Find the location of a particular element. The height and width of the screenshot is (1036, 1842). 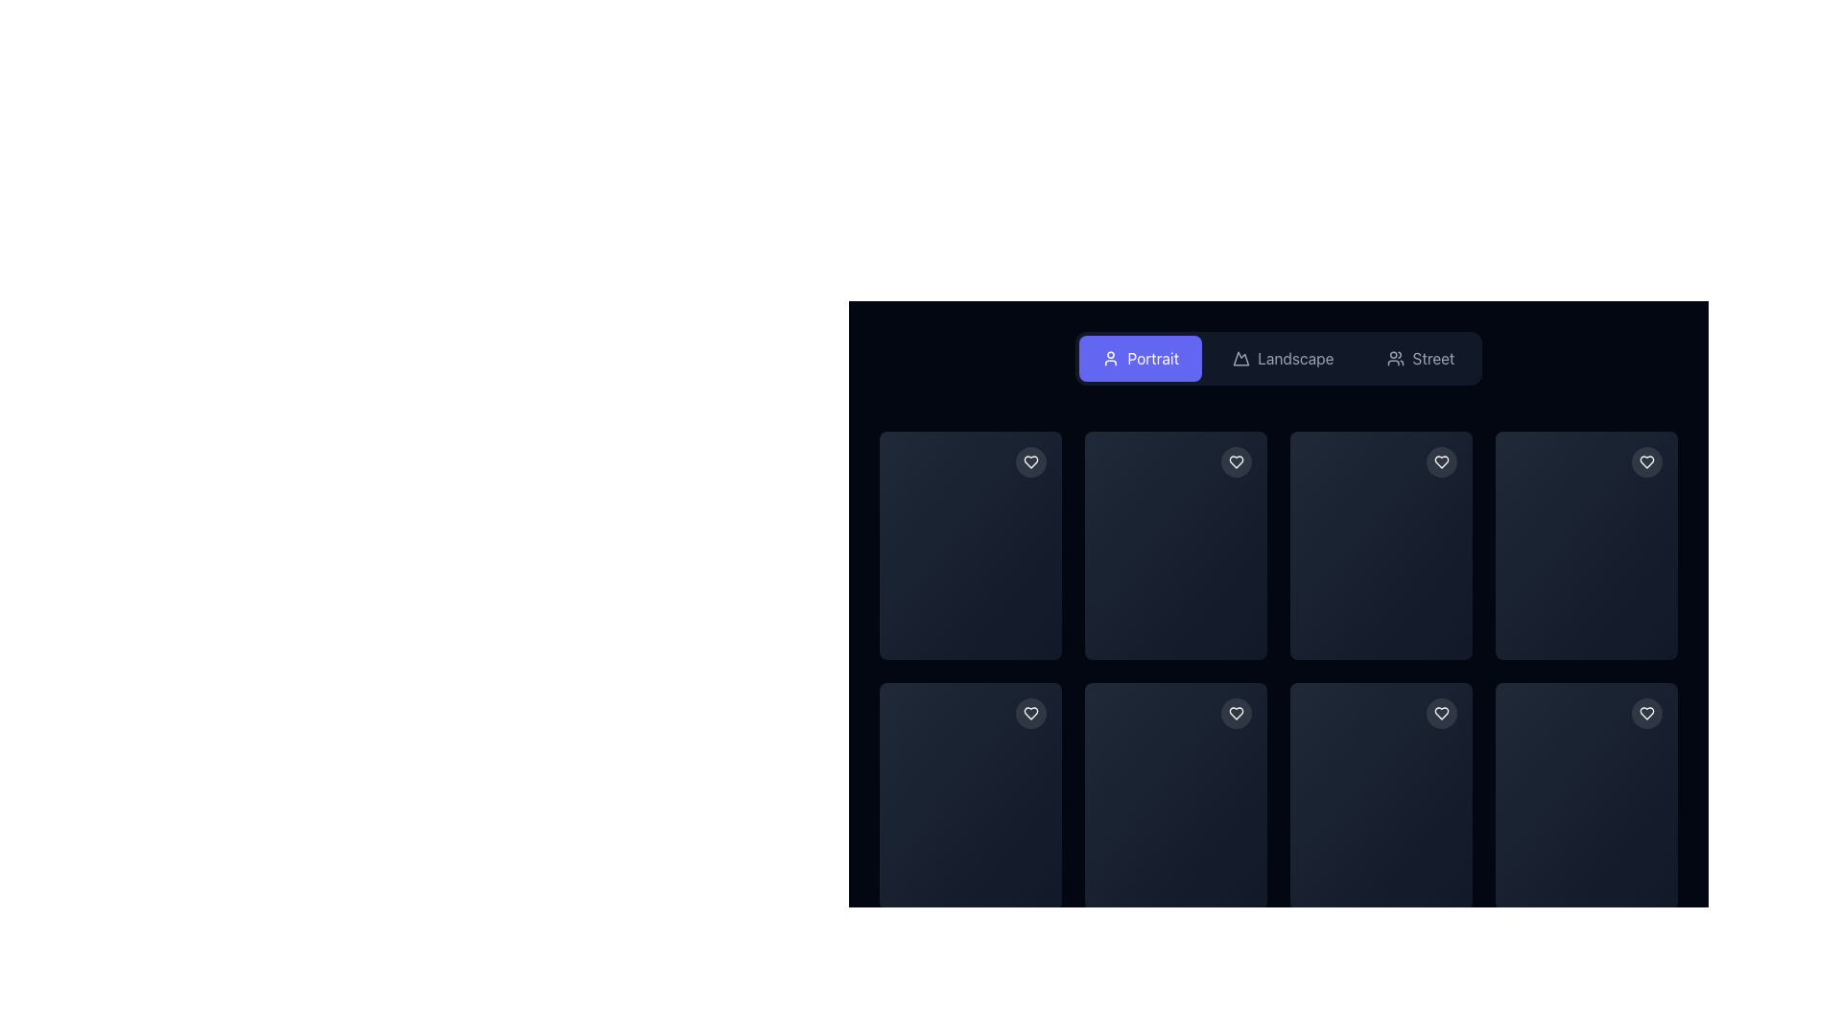

the heart-shaped icon outlined in white to like the item, located in the second row and third column of the grid on a dark background is located at coordinates (1441, 462).